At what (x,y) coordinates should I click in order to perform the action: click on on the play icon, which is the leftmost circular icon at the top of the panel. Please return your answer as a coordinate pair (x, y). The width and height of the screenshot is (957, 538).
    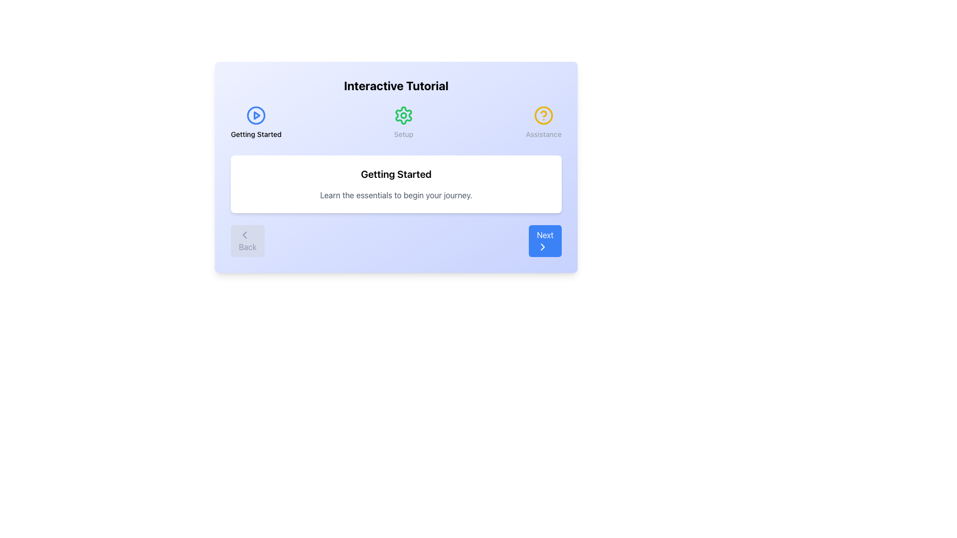
    Looking at the image, I should click on (257, 115).